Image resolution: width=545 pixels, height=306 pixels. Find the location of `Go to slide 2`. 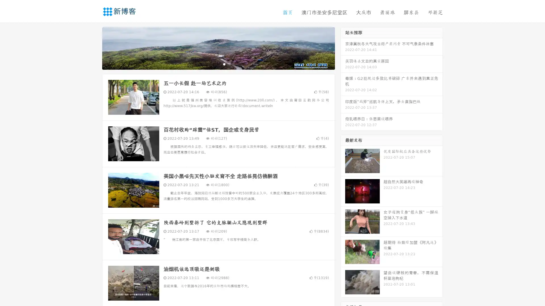

Go to slide 2 is located at coordinates (218, 64).